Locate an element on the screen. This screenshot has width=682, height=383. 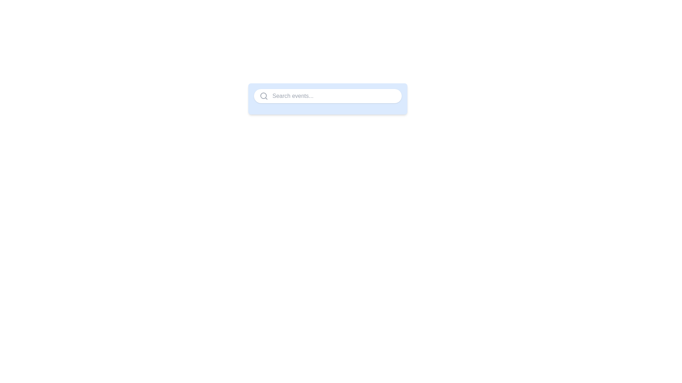
the pill-shaped search bar by dragging to utilize its potential drag-and-drop features is located at coordinates (327, 99).